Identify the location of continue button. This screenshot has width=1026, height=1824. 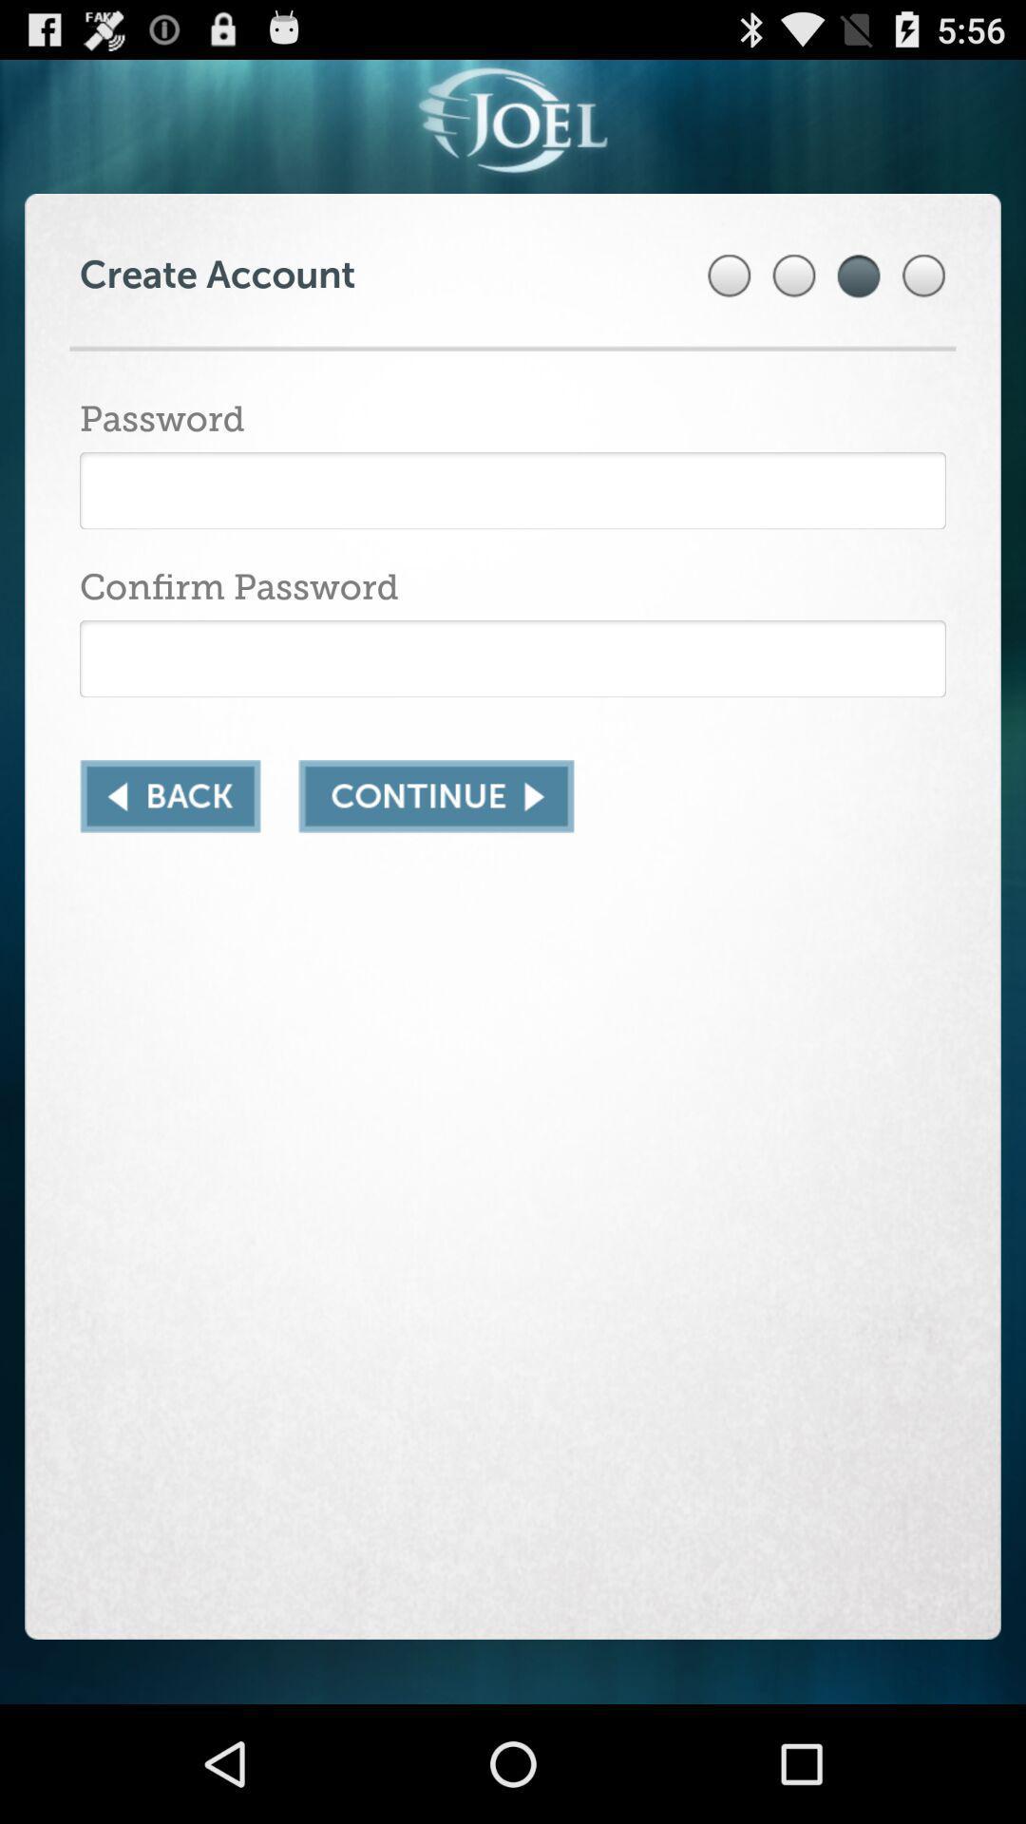
(436, 796).